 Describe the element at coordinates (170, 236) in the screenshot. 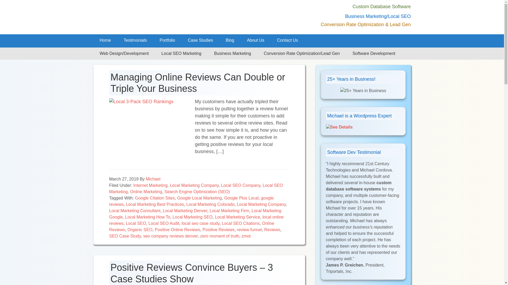

I see `'seo company reviews denver'` at that location.